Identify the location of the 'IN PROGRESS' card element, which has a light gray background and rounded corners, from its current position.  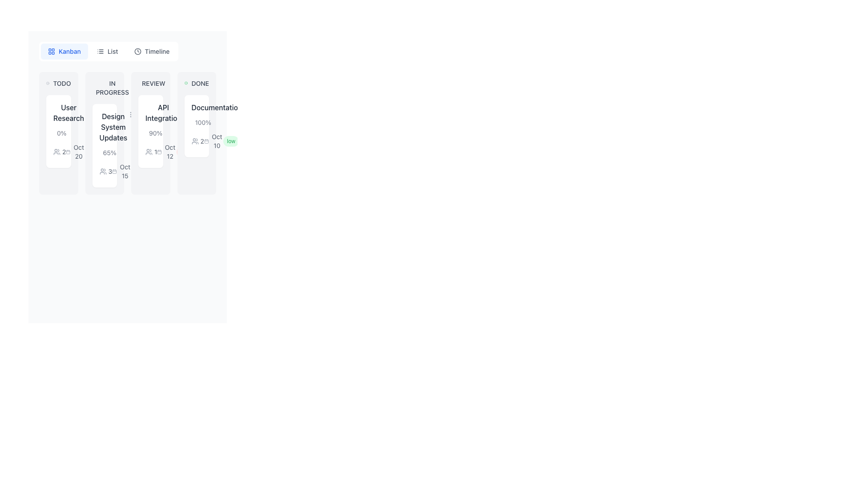
(105, 133).